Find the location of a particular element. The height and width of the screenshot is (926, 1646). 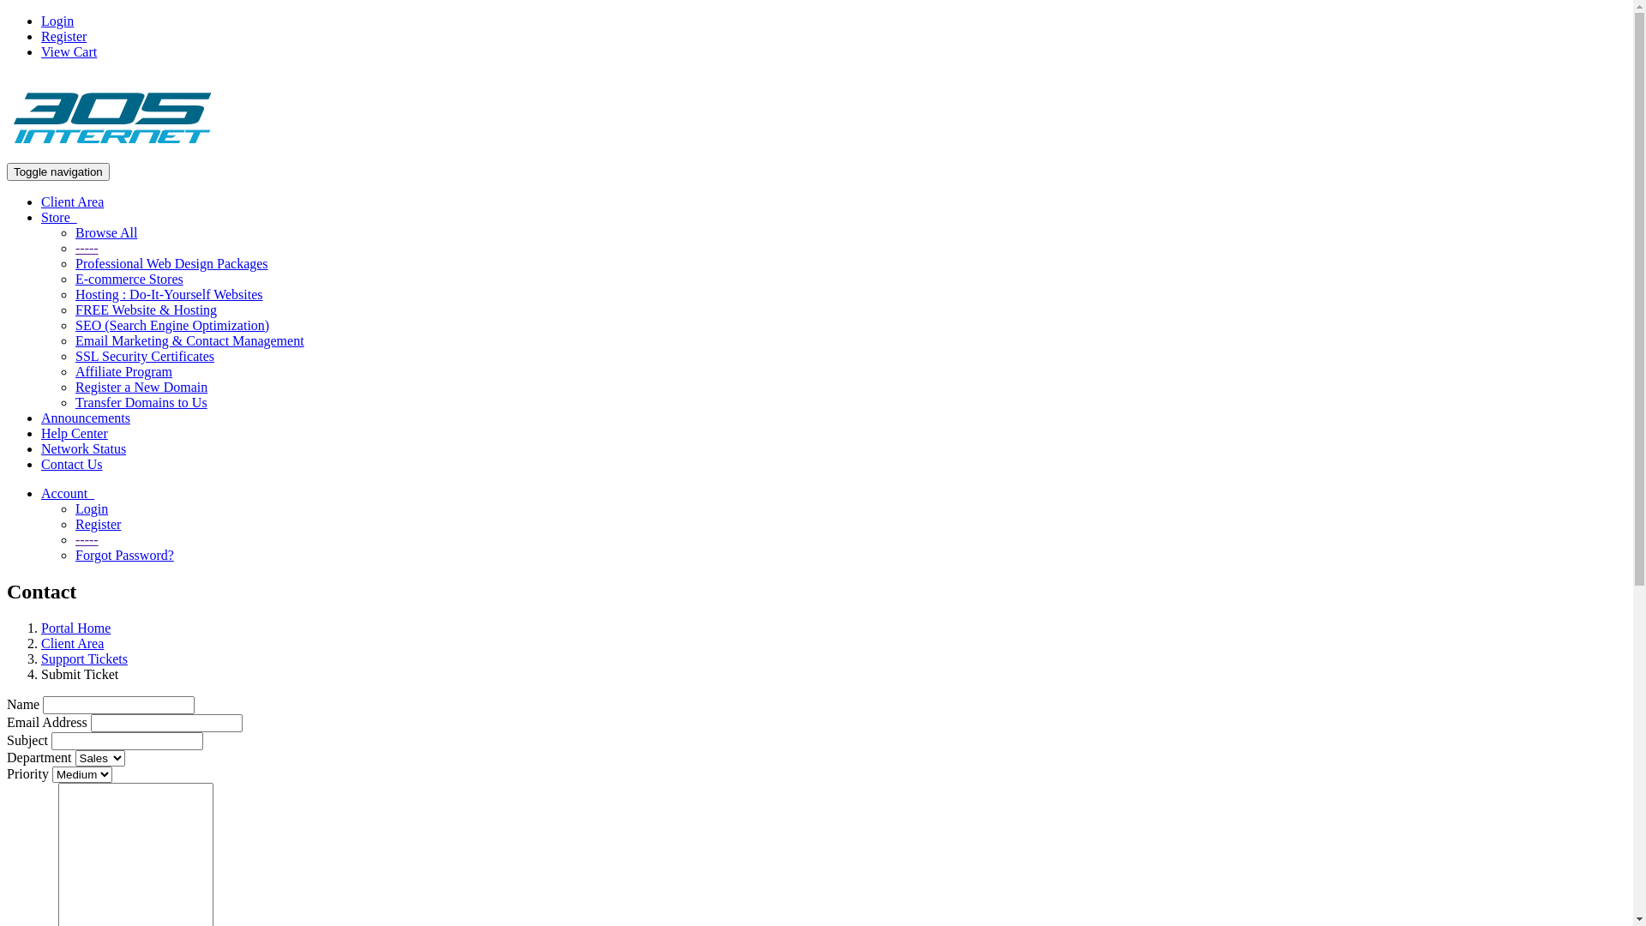

'Account  ' is located at coordinates (67, 493).